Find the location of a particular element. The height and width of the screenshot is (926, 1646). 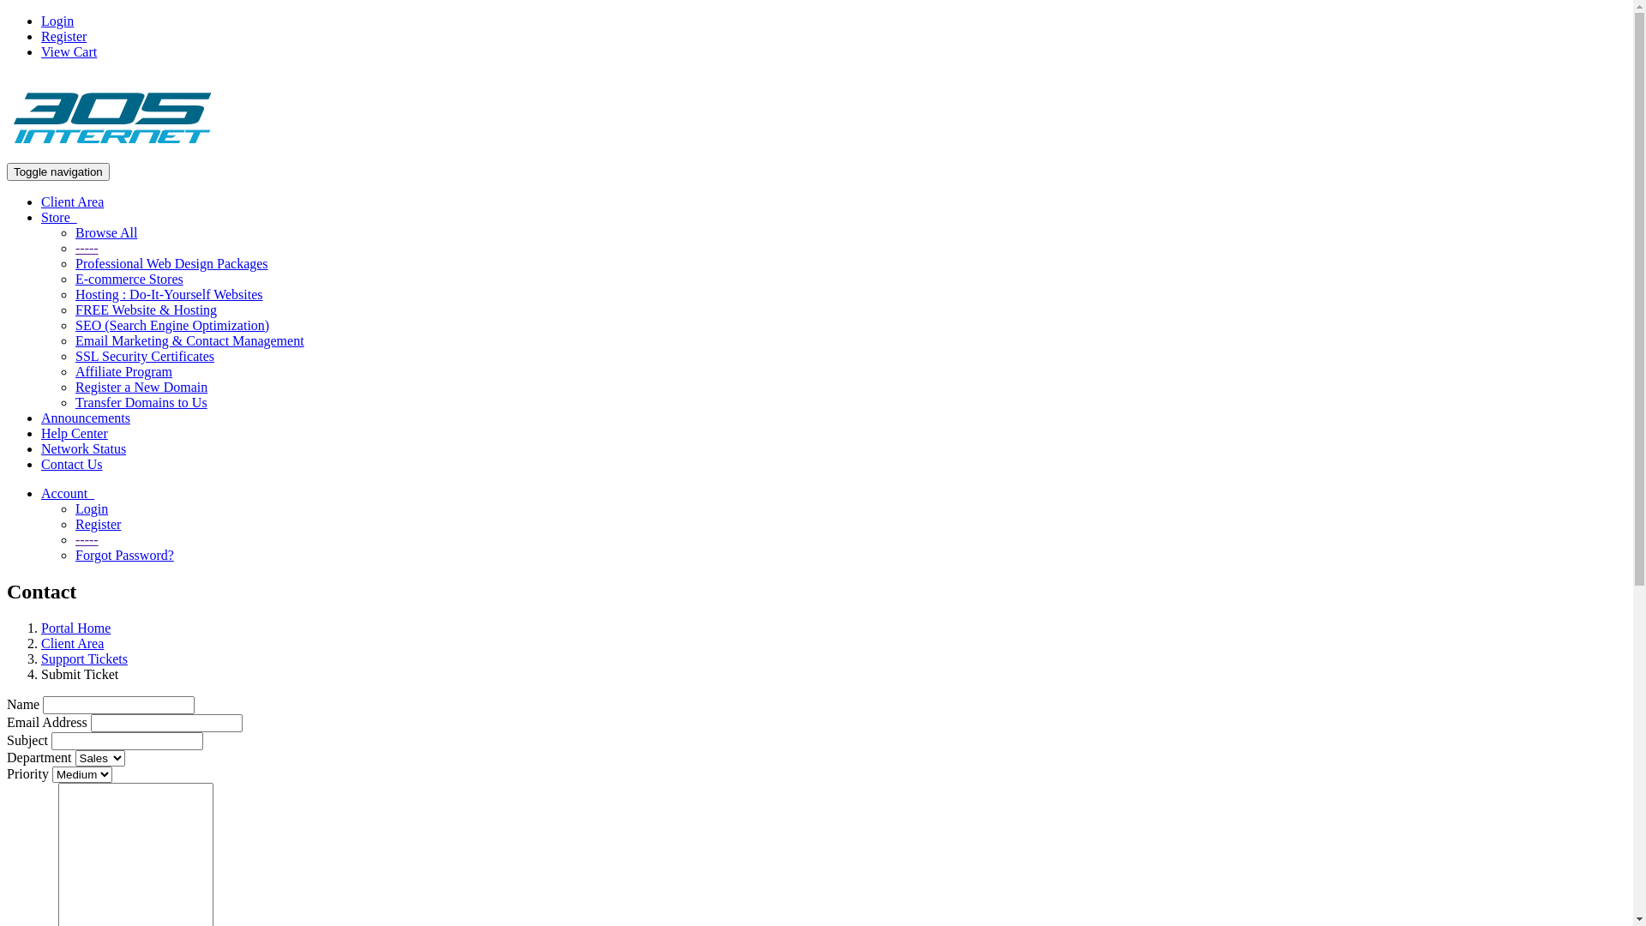

'Account  ' is located at coordinates (67, 493).